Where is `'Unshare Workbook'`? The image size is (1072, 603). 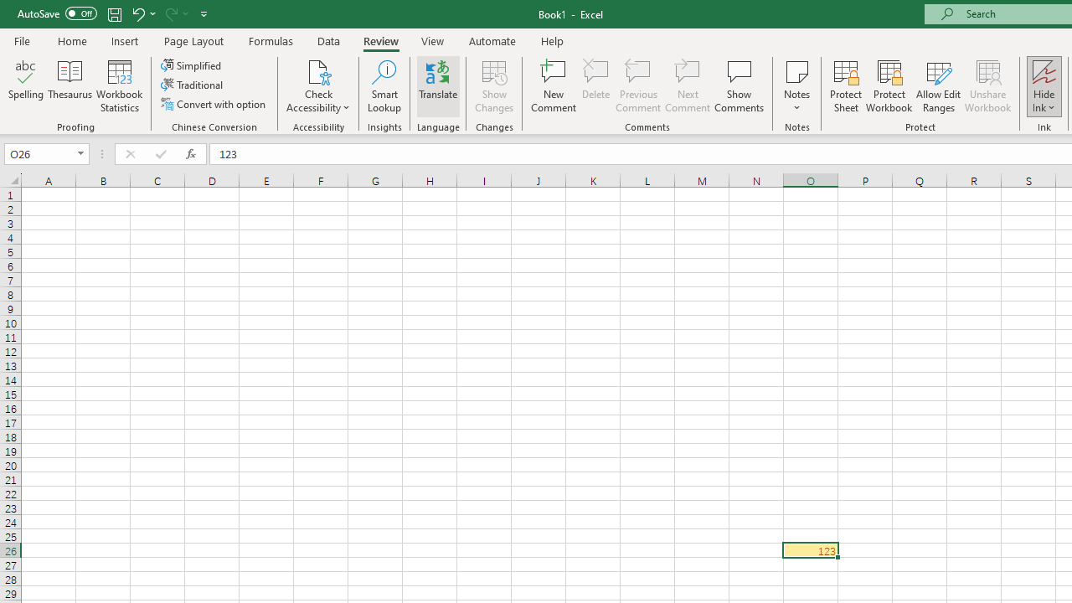
'Unshare Workbook' is located at coordinates (987, 86).